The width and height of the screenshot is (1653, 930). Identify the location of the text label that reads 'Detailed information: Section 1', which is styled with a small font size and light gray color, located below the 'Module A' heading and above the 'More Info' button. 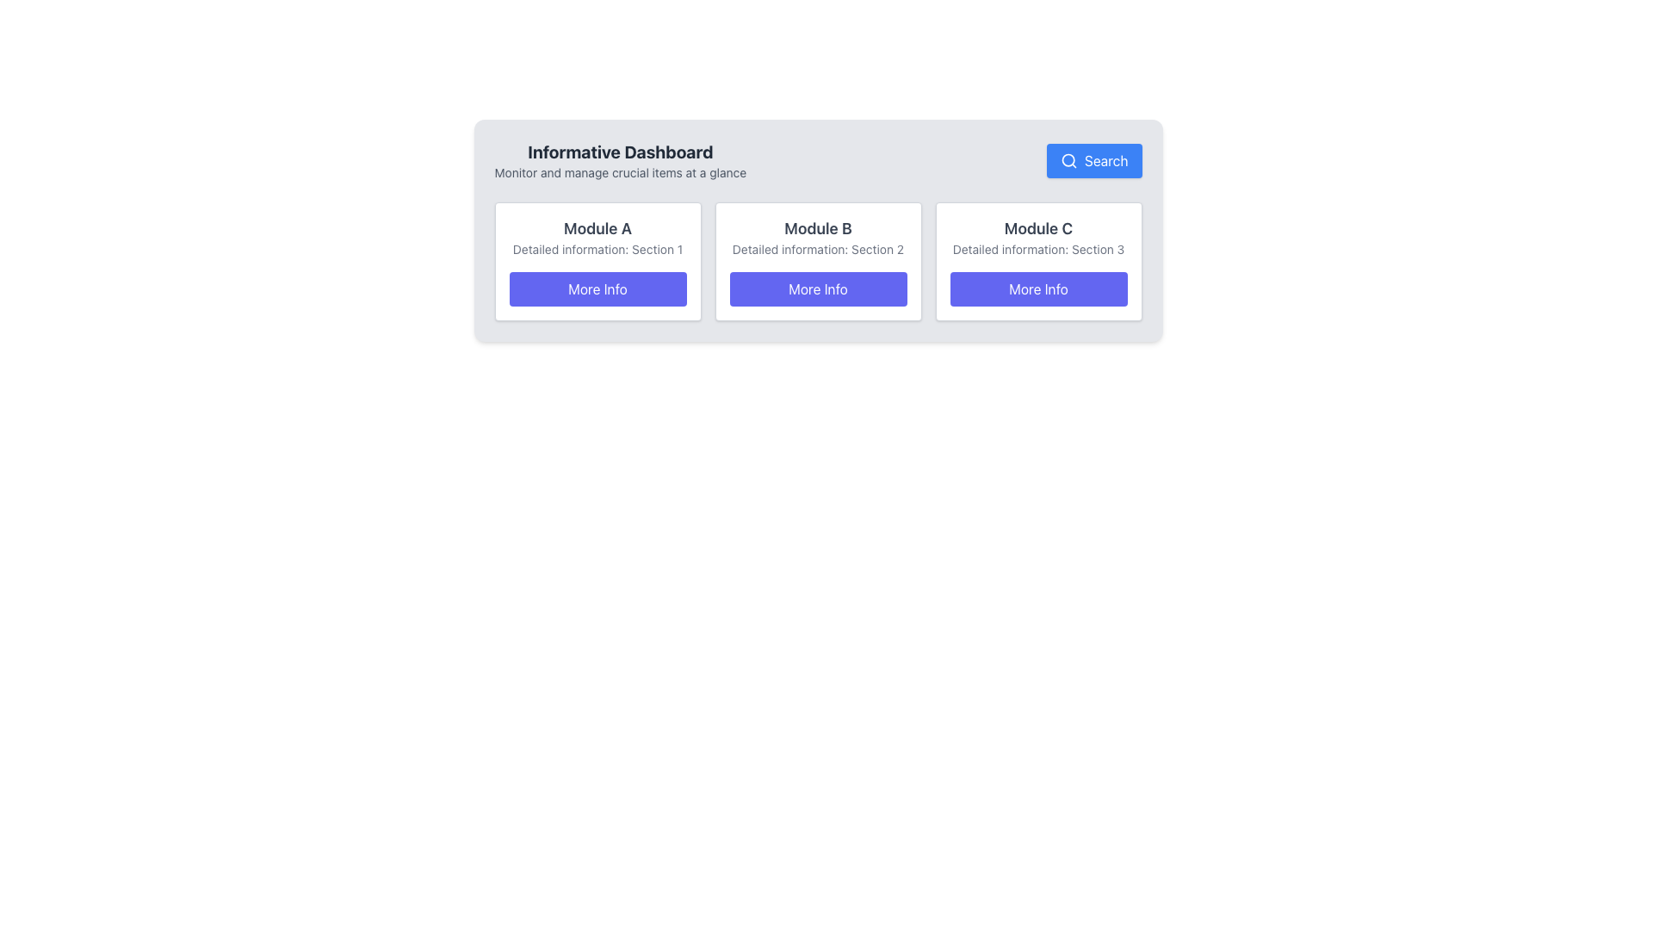
(597, 249).